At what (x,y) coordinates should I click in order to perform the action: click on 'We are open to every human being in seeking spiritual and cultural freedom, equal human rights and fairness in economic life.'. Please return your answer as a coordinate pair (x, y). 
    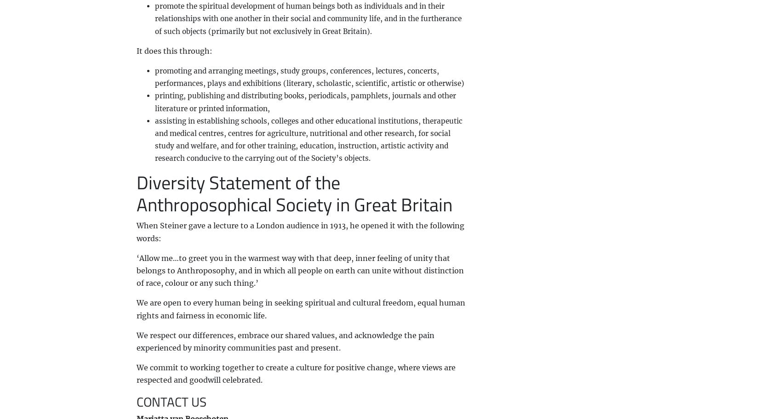
    Looking at the image, I should click on (300, 308).